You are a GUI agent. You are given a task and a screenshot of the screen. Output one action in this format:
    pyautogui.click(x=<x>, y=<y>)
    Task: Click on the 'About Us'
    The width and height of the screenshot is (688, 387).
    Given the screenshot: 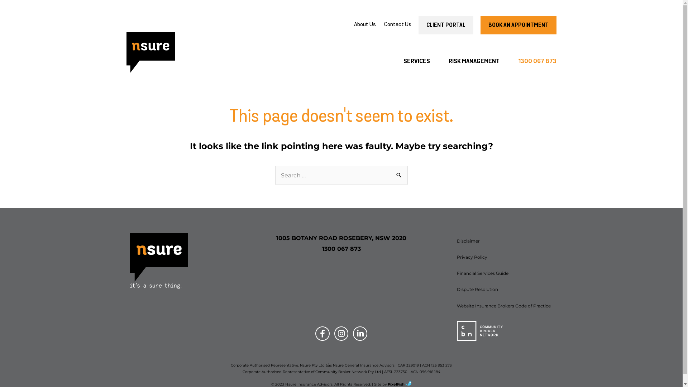 What is the action you would take?
    pyautogui.click(x=365, y=24)
    